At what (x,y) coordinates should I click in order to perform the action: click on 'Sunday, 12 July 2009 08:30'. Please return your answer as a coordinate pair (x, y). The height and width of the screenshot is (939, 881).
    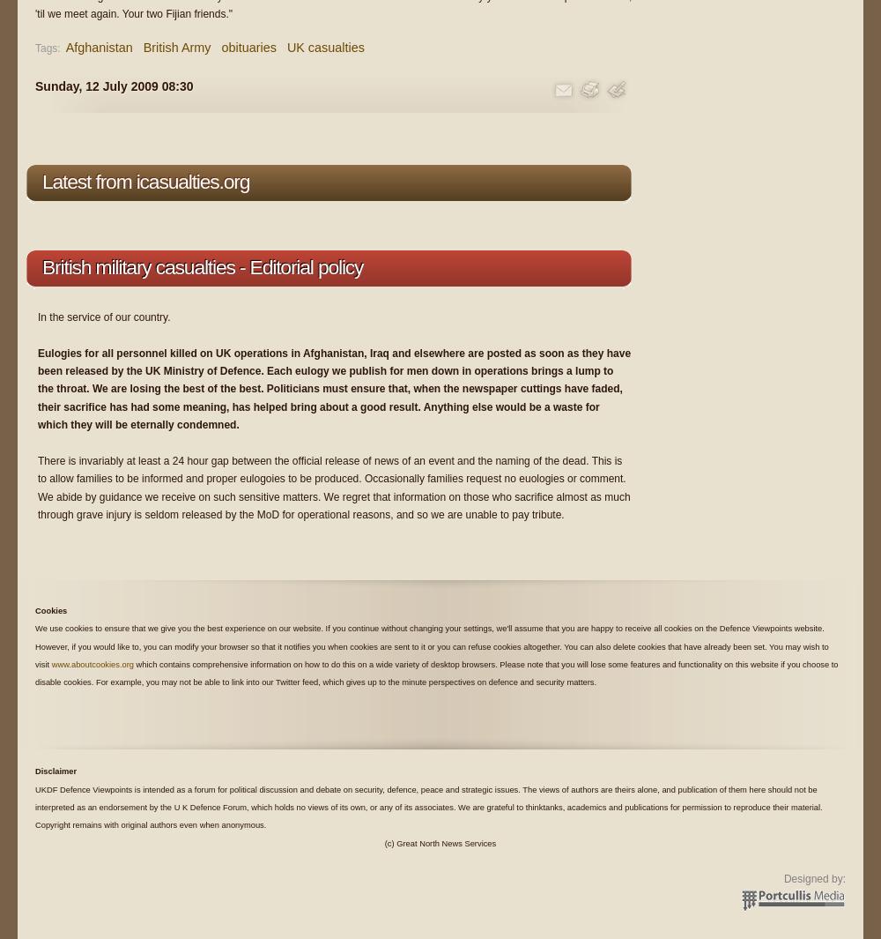
    Looking at the image, I should click on (114, 85).